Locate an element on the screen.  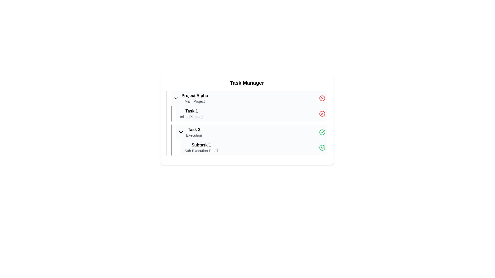
the 'Task 1' list item element, which features a bolded title and a red circular icon for deletion, located under the 'Project Alpha' section is located at coordinates (249, 114).